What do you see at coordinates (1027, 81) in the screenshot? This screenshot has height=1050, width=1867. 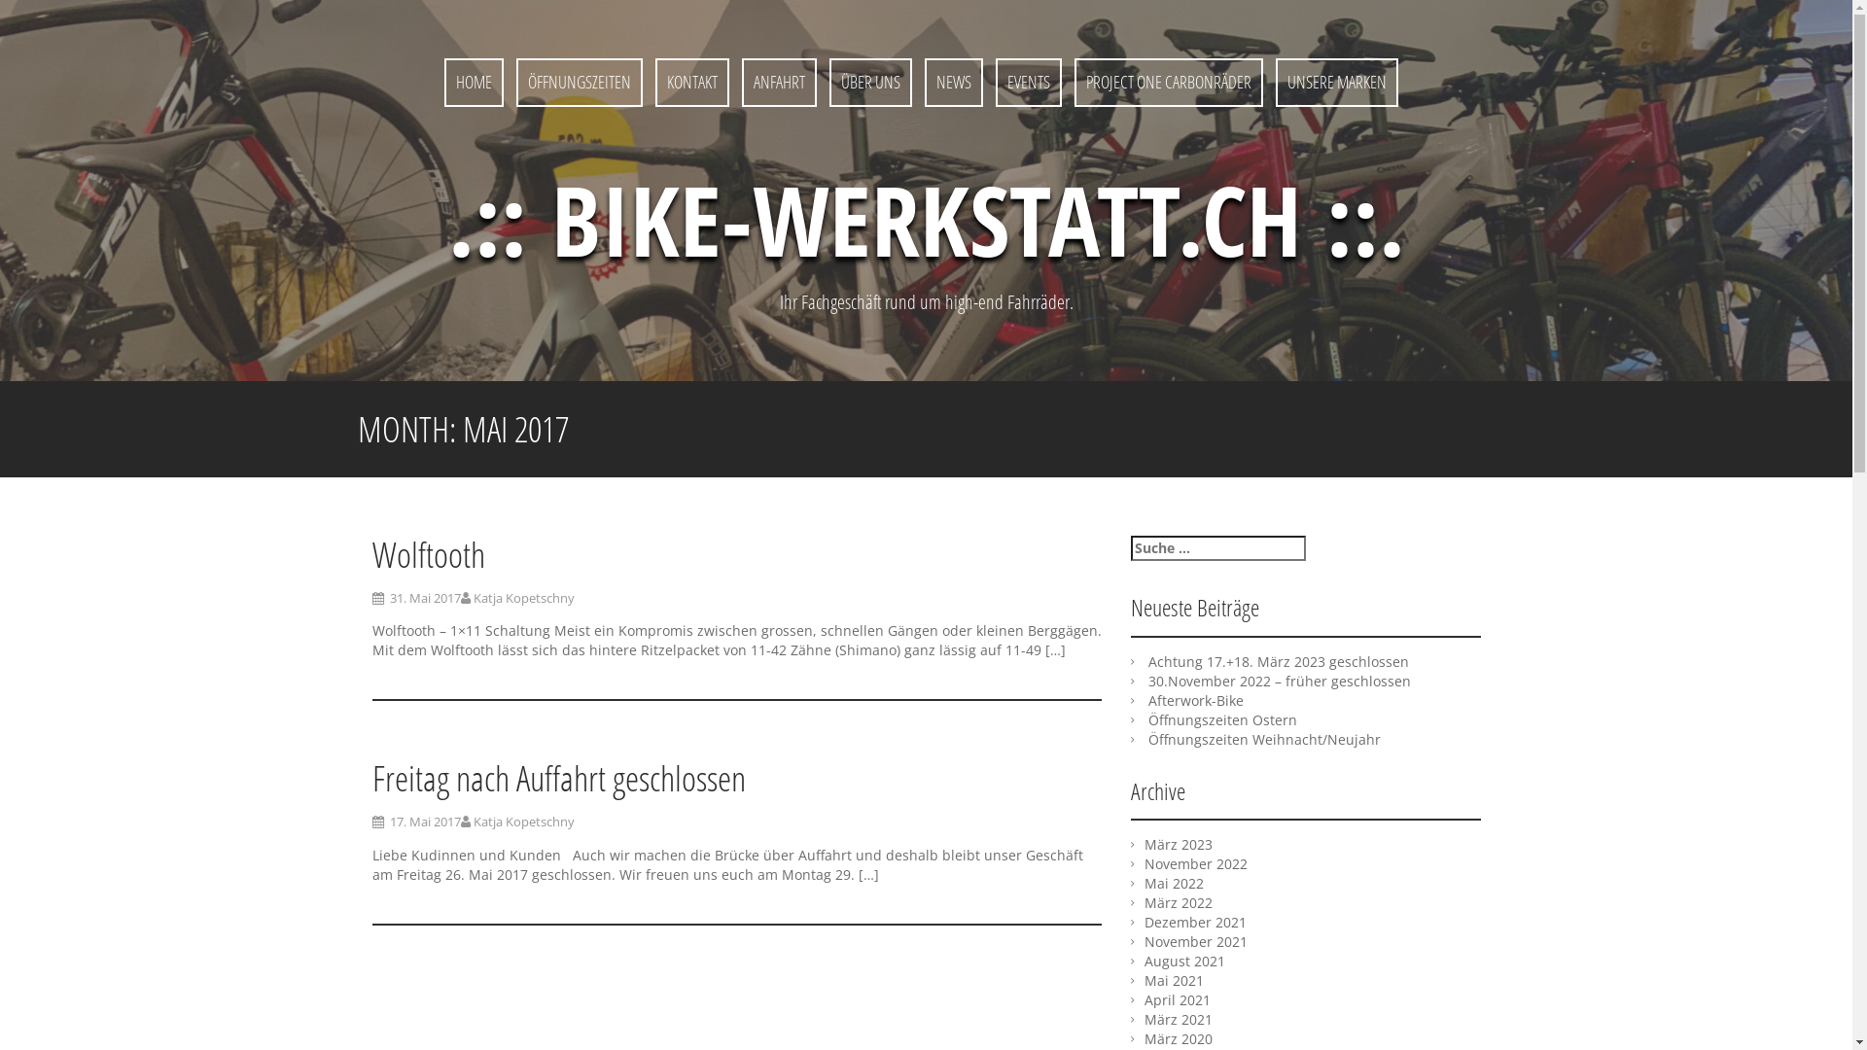 I see `'EVENTS'` at bounding box center [1027, 81].